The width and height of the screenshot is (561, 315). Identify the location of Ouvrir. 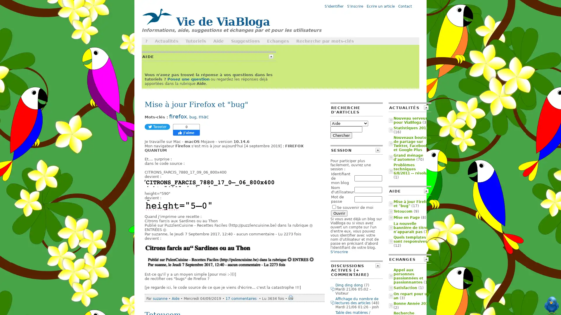
(339, 213).